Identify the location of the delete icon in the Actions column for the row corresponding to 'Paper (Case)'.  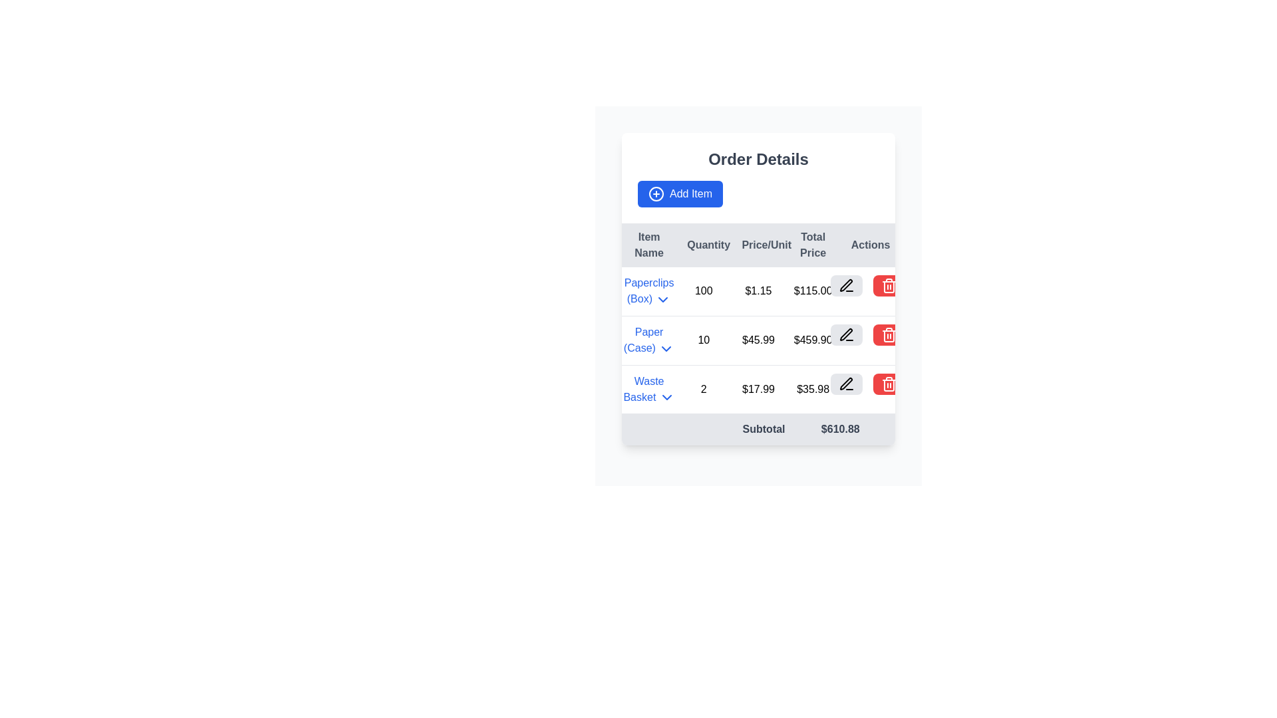
(889, 335).